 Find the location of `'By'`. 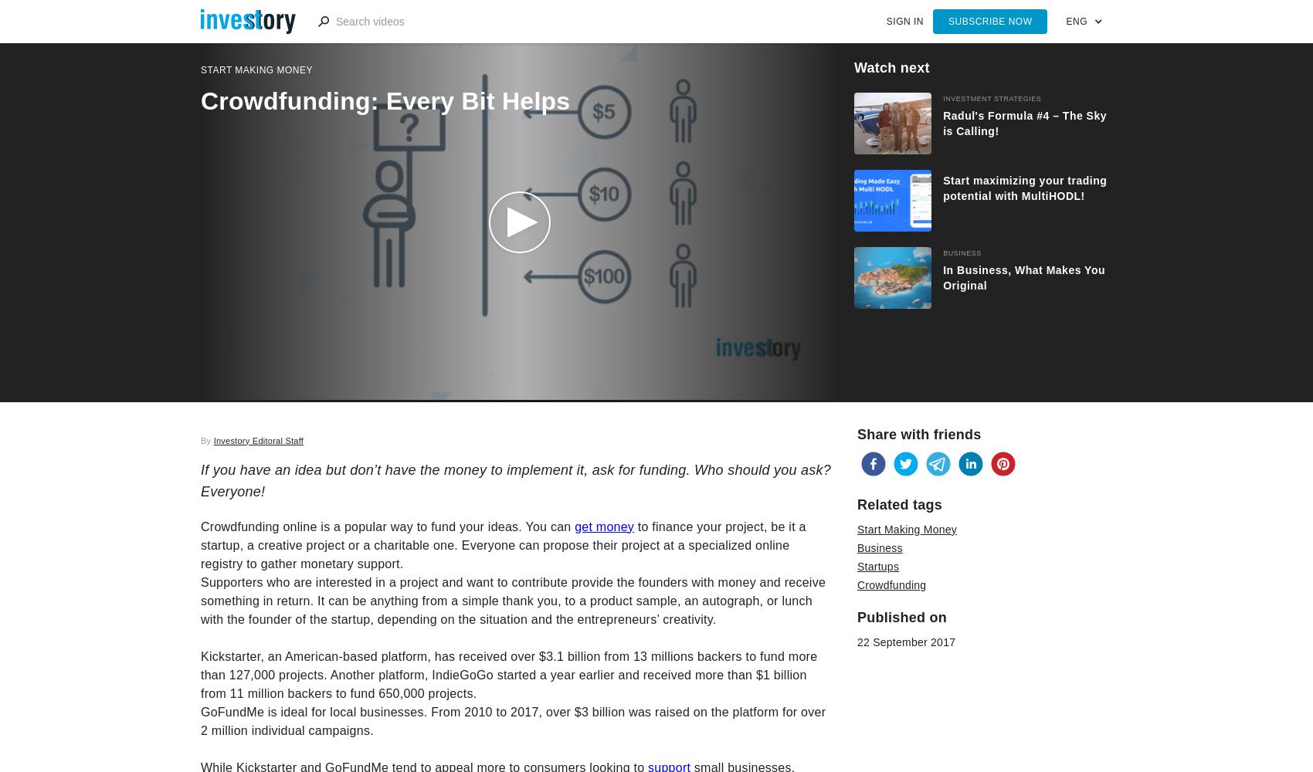

'By' is located at coordinates (200, 439).